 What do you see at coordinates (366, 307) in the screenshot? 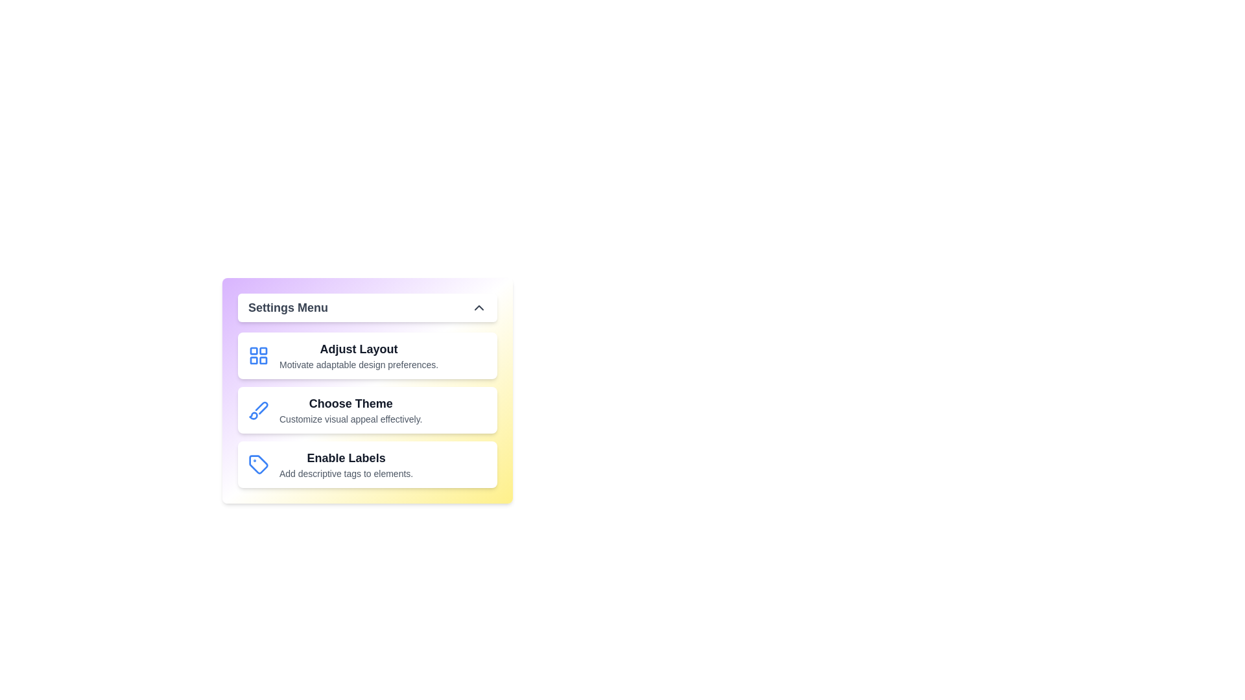
I see `the 'Settings Menu' header to toggle the visibility of the menu` at bounding box center [366, 307].